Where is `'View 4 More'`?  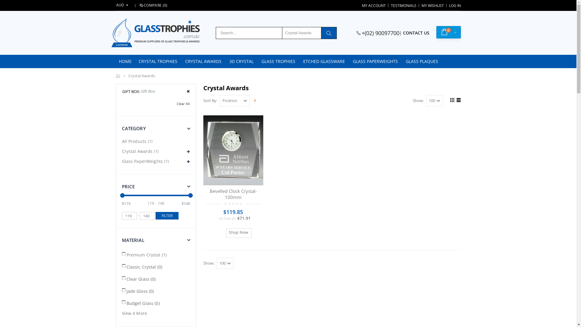
'View 4 More' is located at coordinates (135, 313).